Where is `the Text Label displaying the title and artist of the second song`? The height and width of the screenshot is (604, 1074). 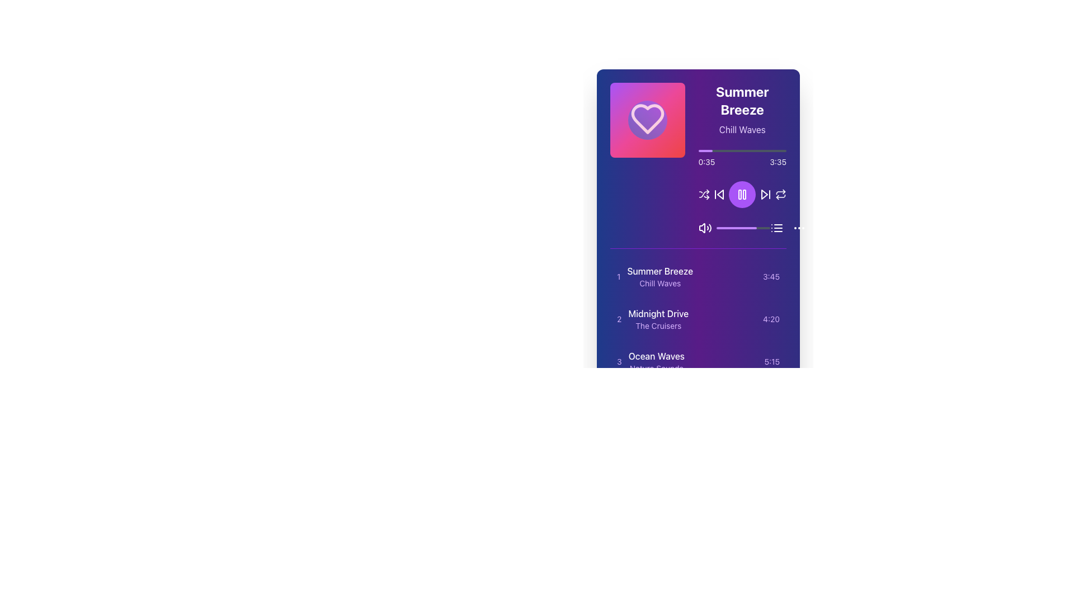
the Text Label displaying the title and artist of the second song is located at coordinates (653, 319).